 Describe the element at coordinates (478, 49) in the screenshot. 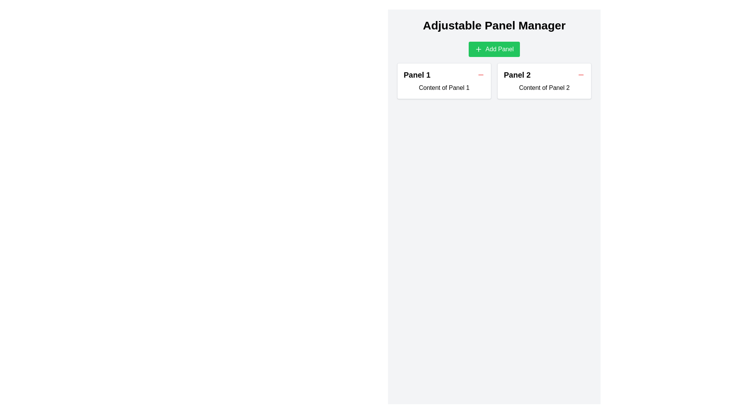

I see `the small green square icon with a plus sign located within the Add Panel button, which is positioned below the Adjustable Panel Manager heading` at that location.